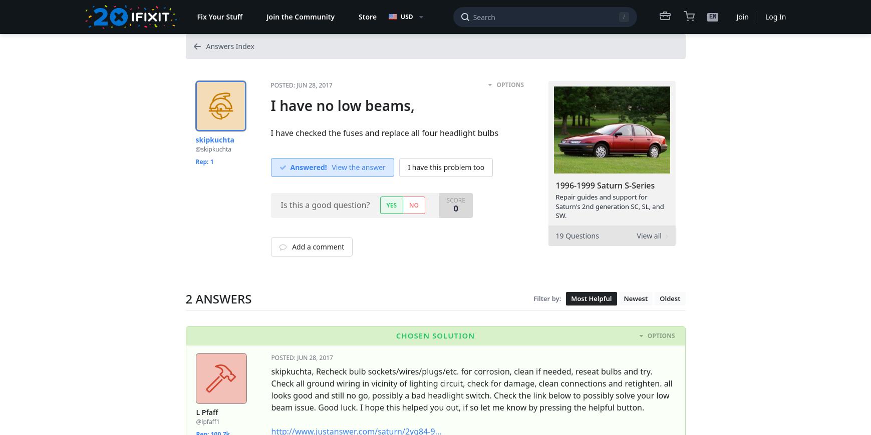  Describe the element at coordinates (669, 297) in the screenshot. I see `'Oldest'` at that location.